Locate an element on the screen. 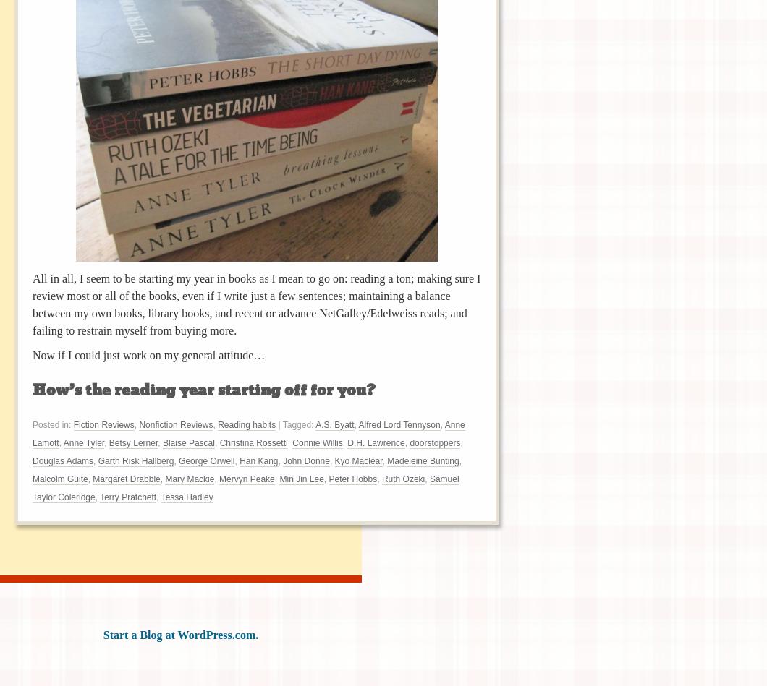  'Margaret Drabble' is located at coordinates (125, 479).